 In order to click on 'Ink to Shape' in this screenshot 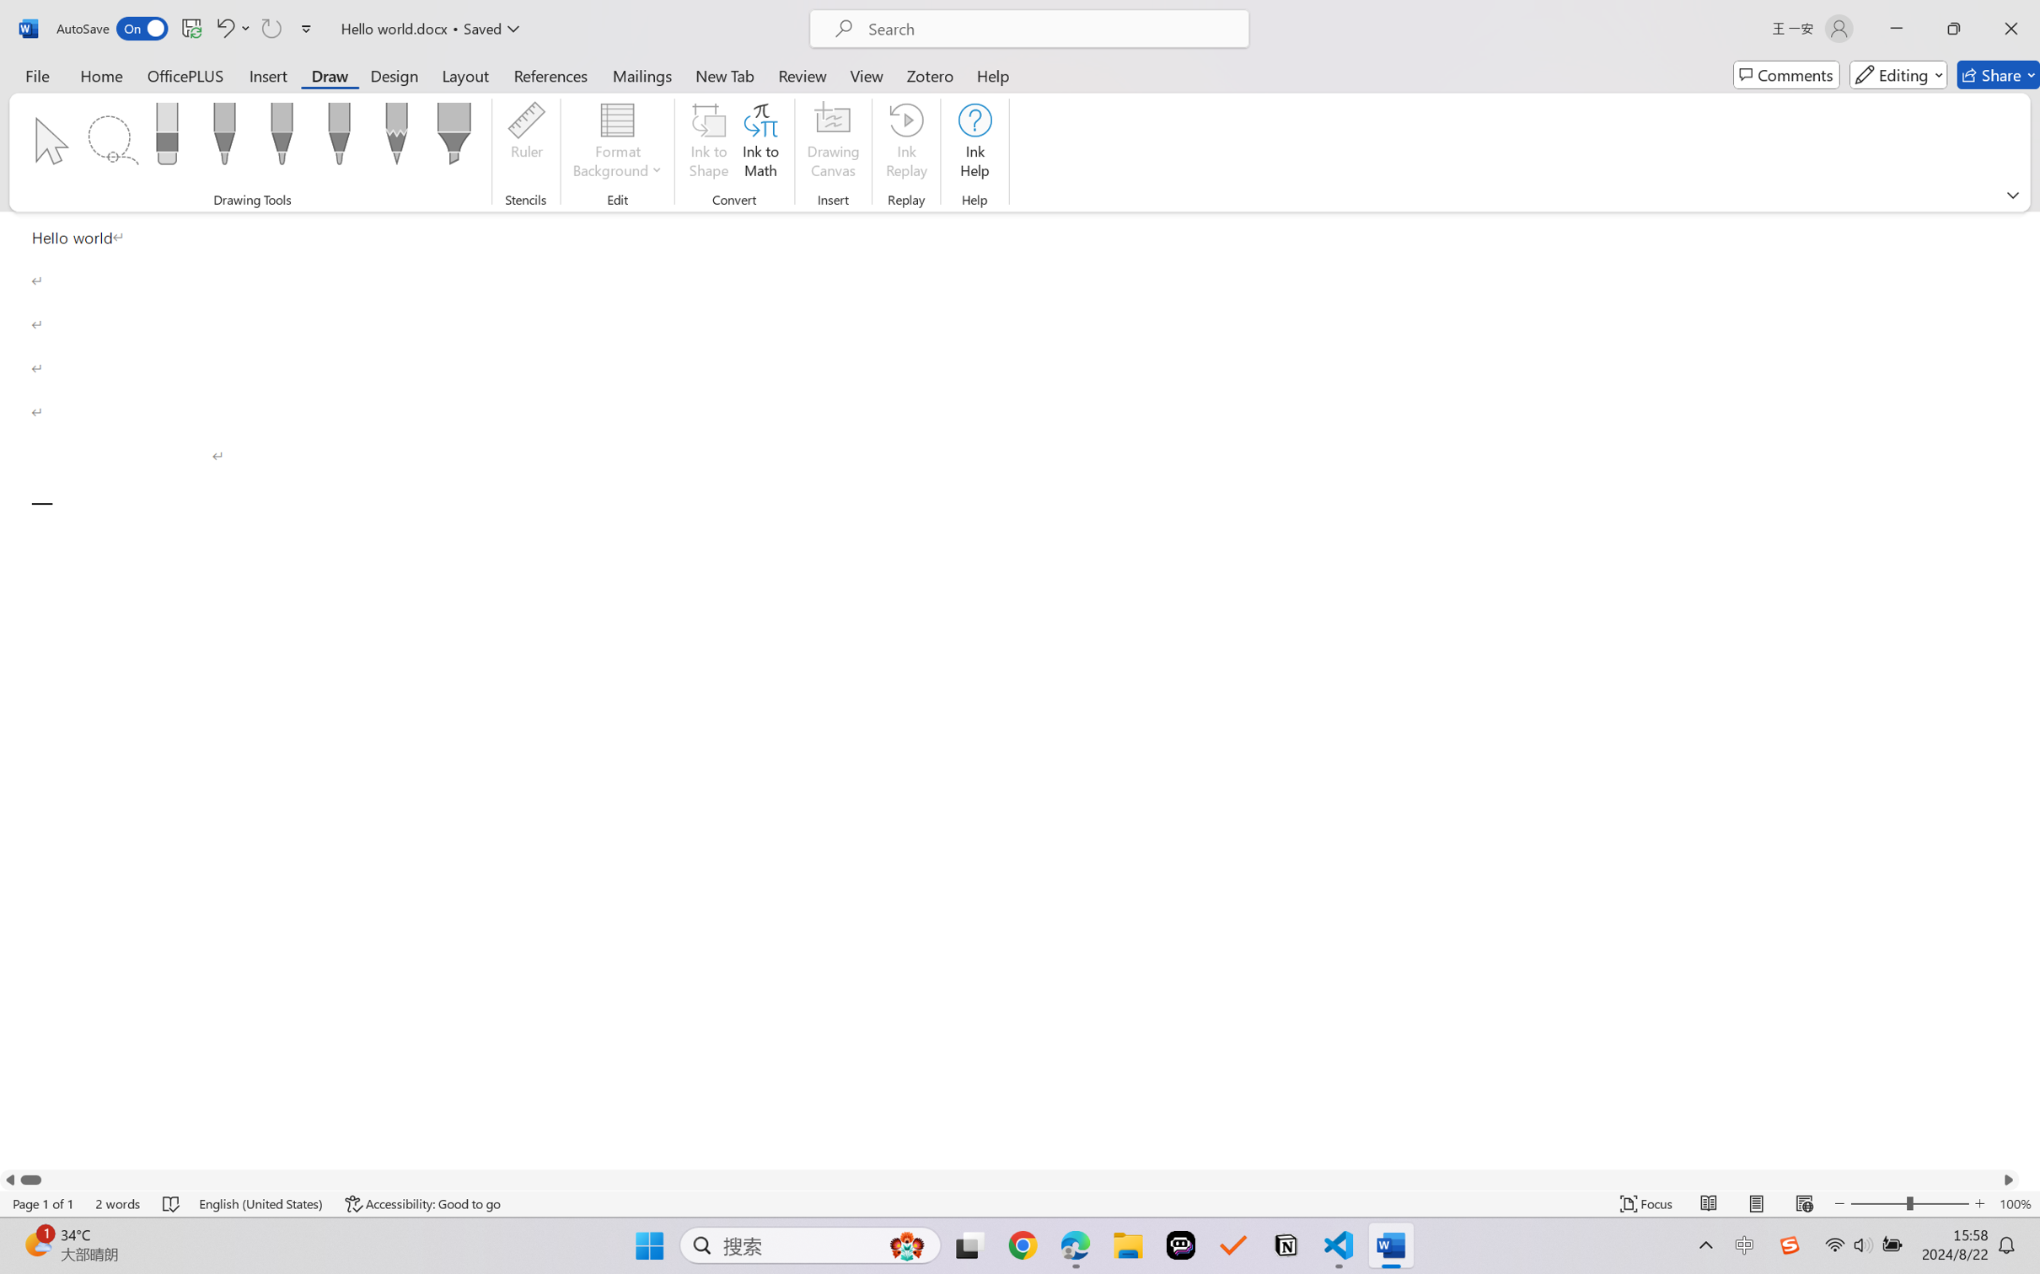, I will do `click(708, 143)`.